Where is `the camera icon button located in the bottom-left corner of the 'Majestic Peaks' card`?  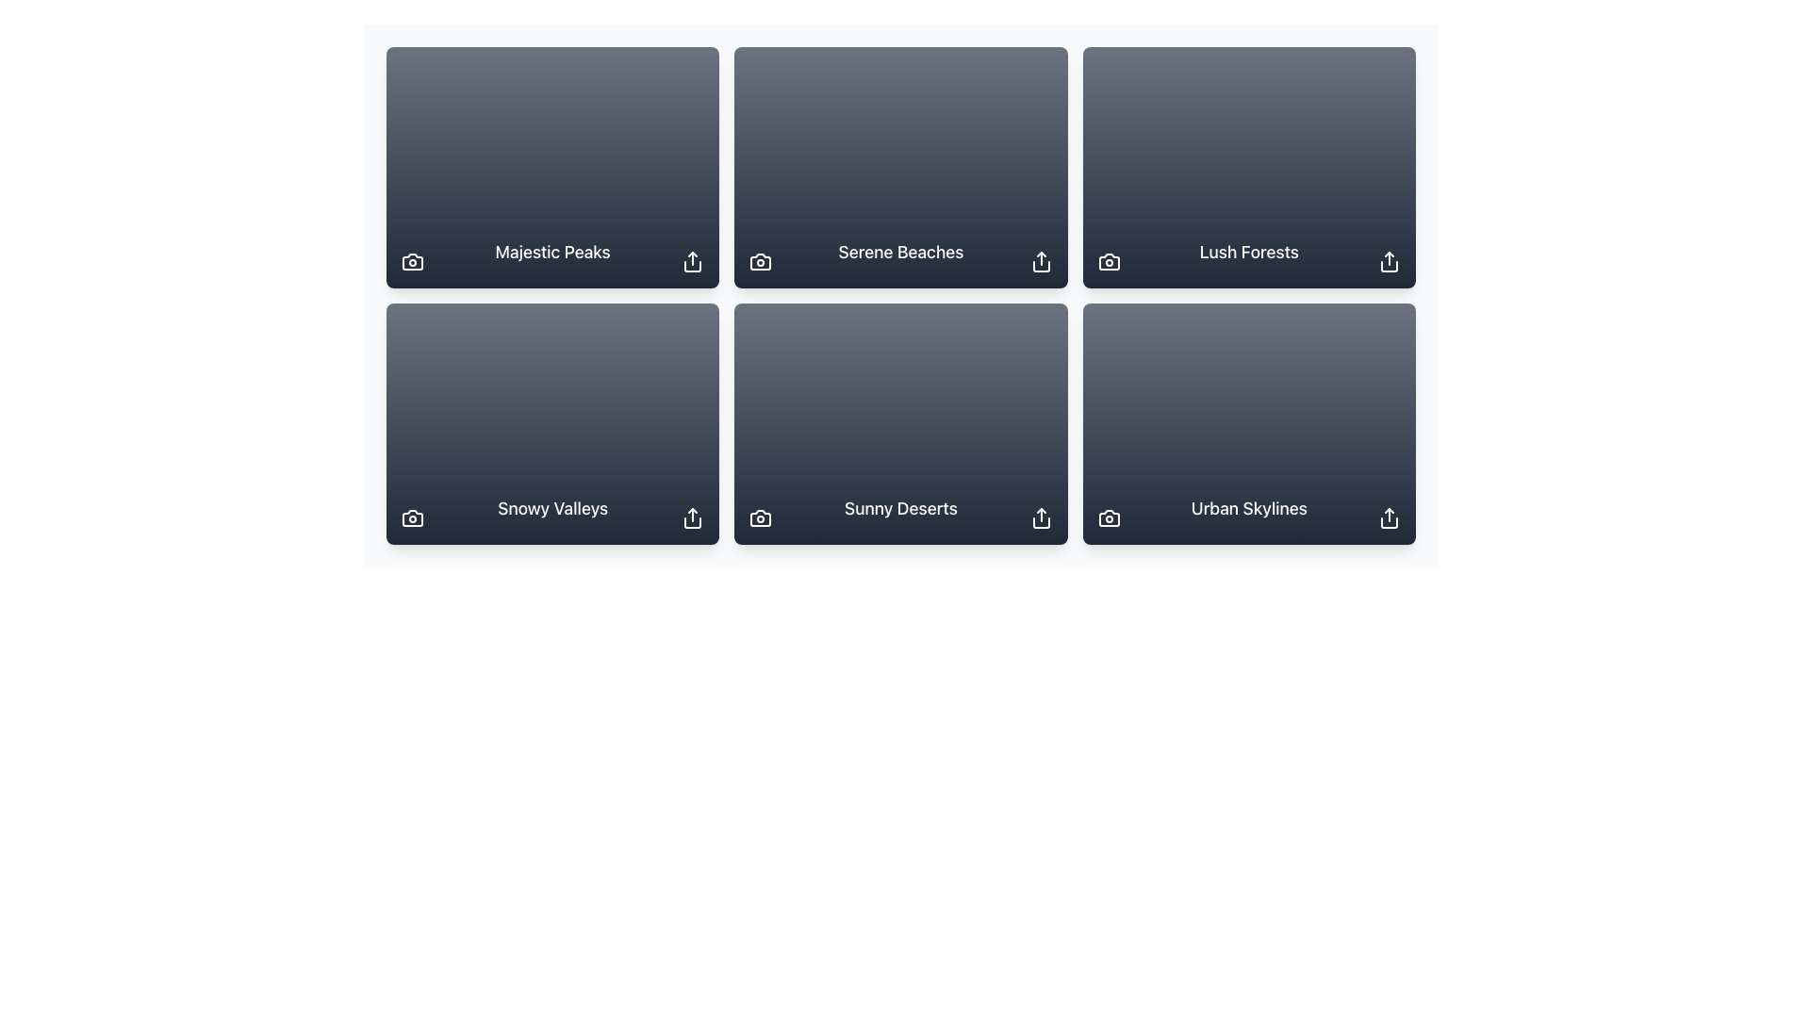
the camera icon button located in the bottom-left corner of the 'Majestic Peaks' card is located at coordinates (411, 261).